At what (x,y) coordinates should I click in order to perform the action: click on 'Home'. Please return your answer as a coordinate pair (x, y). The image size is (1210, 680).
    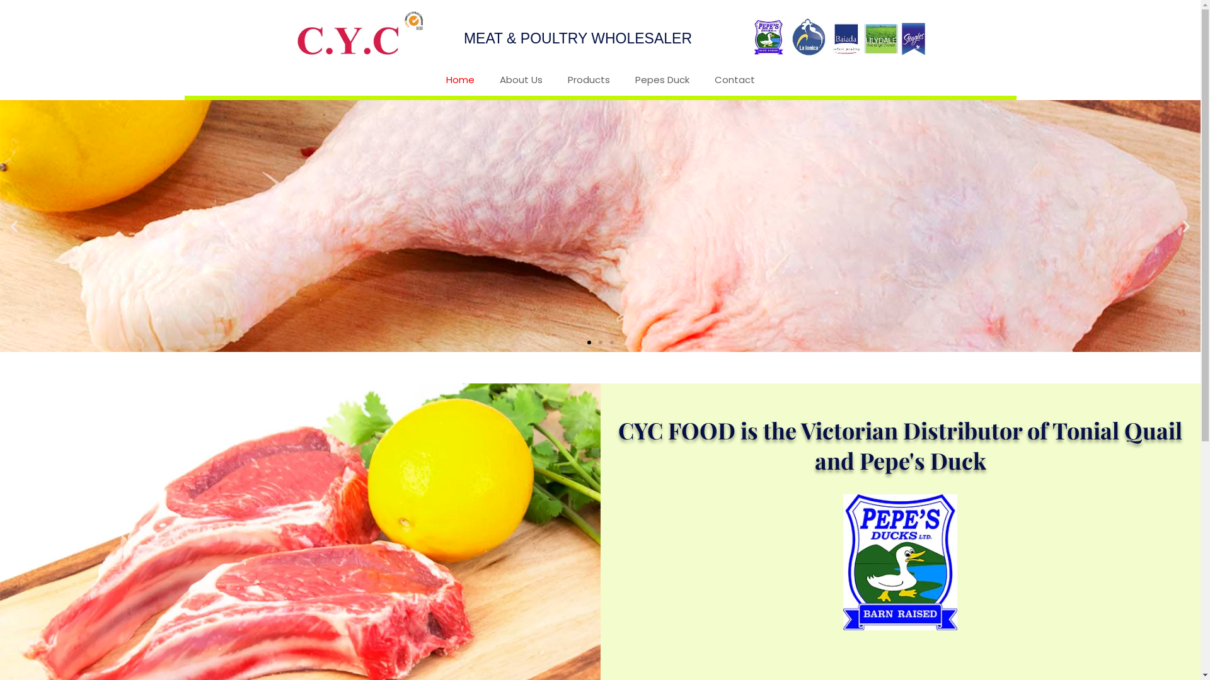
    Looking at the image, I should click on (459, 80).